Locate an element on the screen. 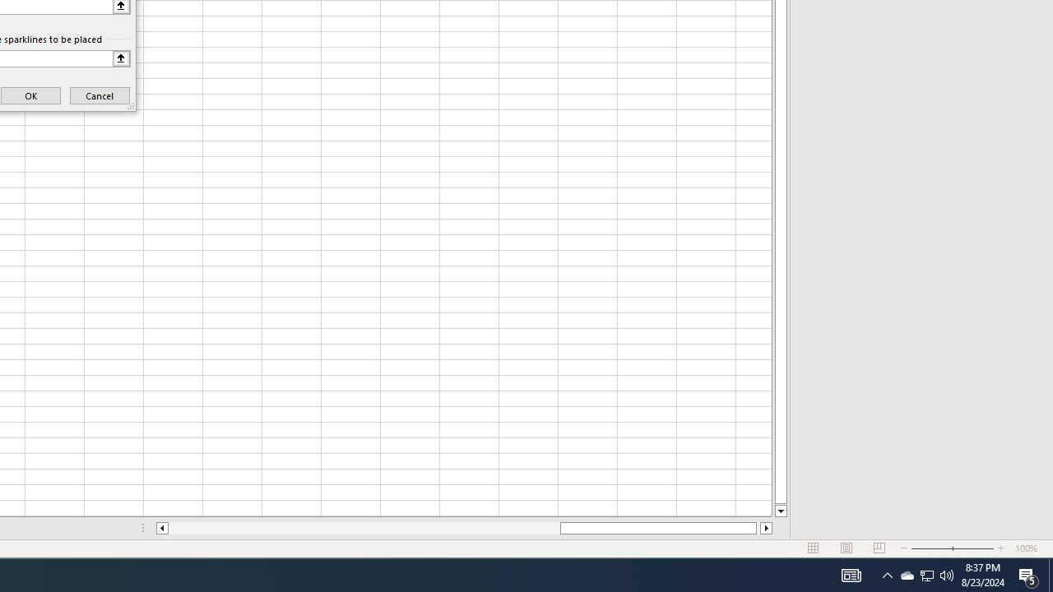  'Page left' is located at coordinates (363, 528).